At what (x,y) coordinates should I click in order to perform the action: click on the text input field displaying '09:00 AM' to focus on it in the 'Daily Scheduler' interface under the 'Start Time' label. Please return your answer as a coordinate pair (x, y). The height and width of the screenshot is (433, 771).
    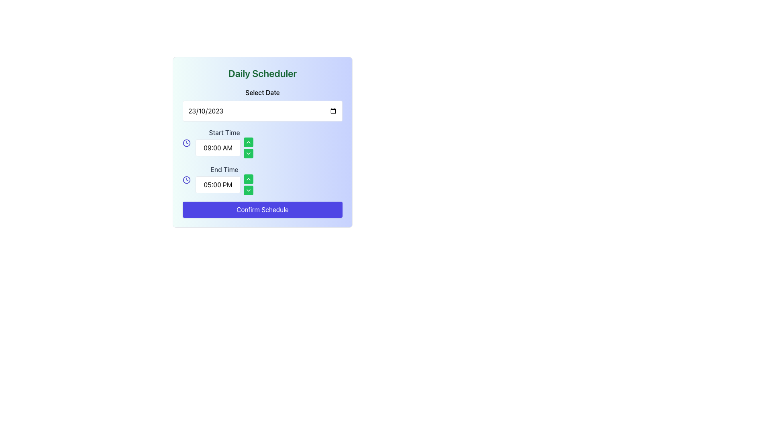
    Looking at the image, I should click on (224, 148).